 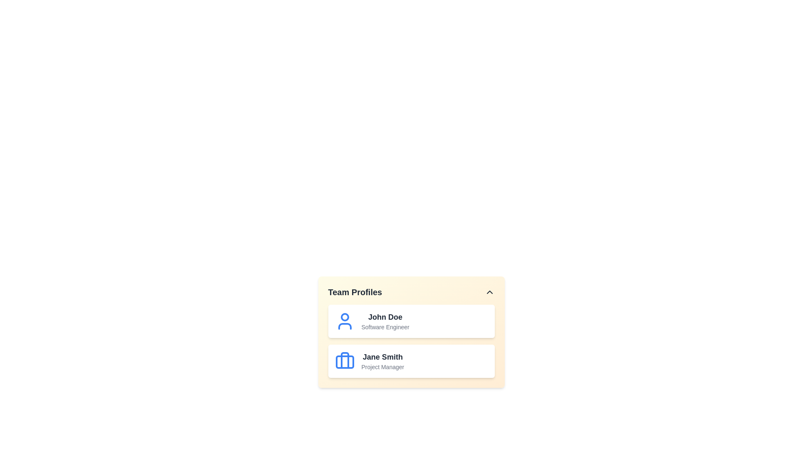 What do you see at coordinates (345, 321) in the screenshot?
I see `the profile icon representing 'John Doe' in the 'Team Profiles' section, located to the left of the name and title displayed` at bounding box center [345, 321].